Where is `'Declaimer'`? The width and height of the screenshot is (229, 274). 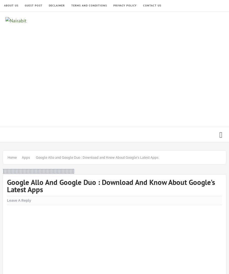 'Declaimer' is located at coordinates (57, 5).